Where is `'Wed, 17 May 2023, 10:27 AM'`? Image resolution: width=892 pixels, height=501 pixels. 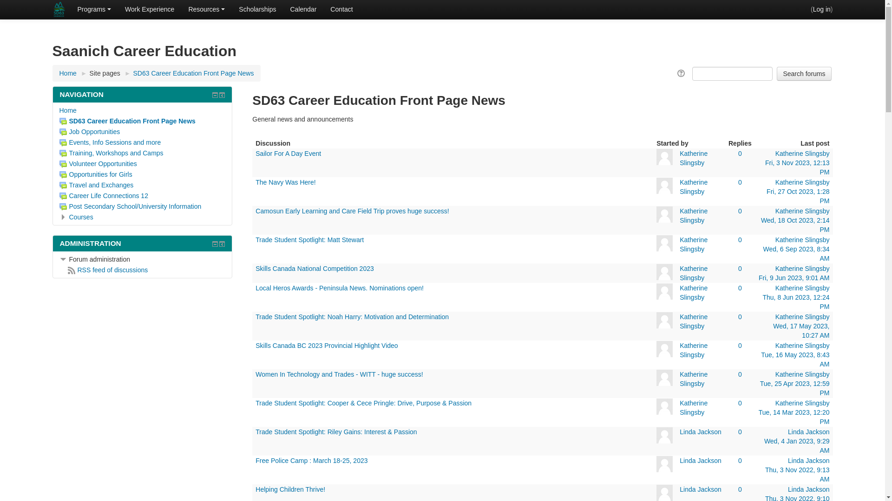 'Wed, 17 May 2023, 10:27 AM' is located at coordinates (800, 330).